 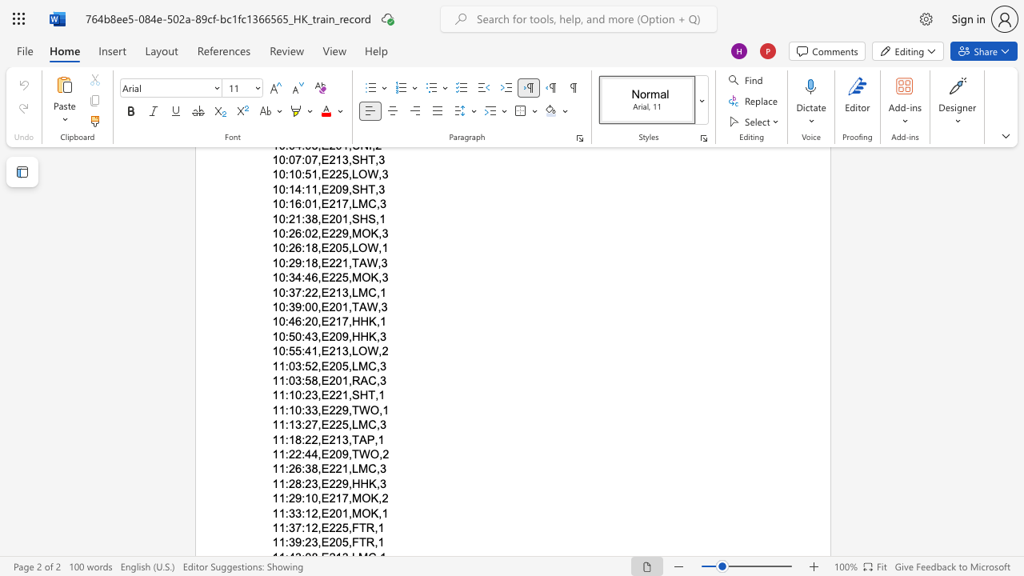 I want to click on the subset text ":4" within the text "10:55:41,E213,LOW,2", so click(x=302, y=350).